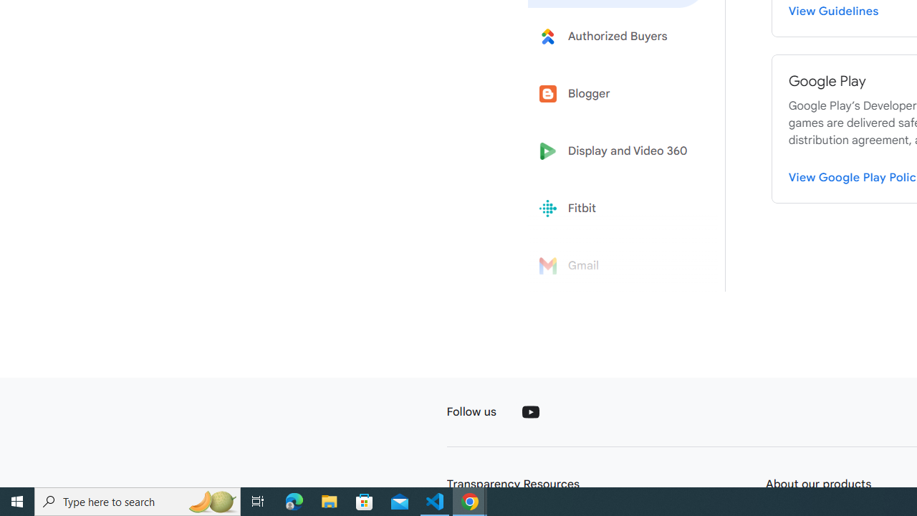 The width and height of the screenshot is (917, 516). What do you see at coordinates (618, 35) in the screenshot?
I see `'Learn more about Authorized Buyers'` at bounding box center [618, 35].